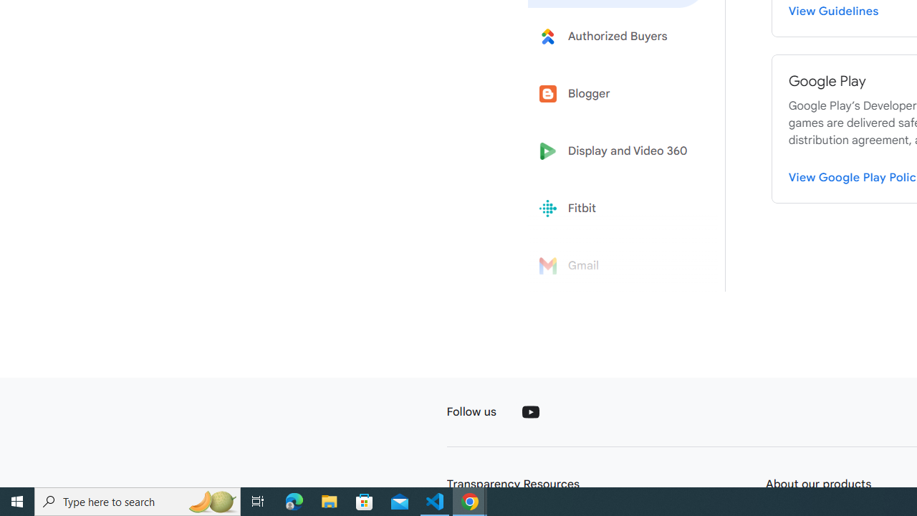 The width and height of the screenshot is (917, 516). What do you see at coordinates (618, 35) in the screenshot?
I see `'Learn more about Authorized Buyers'` at bounding box center [618, 35].